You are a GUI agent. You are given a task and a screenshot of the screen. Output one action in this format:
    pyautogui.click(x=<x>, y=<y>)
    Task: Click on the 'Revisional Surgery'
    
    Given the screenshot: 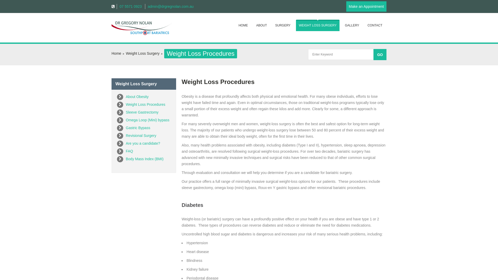 What is the action you would take?
    pyautogui.click(x=126, y=135)
    